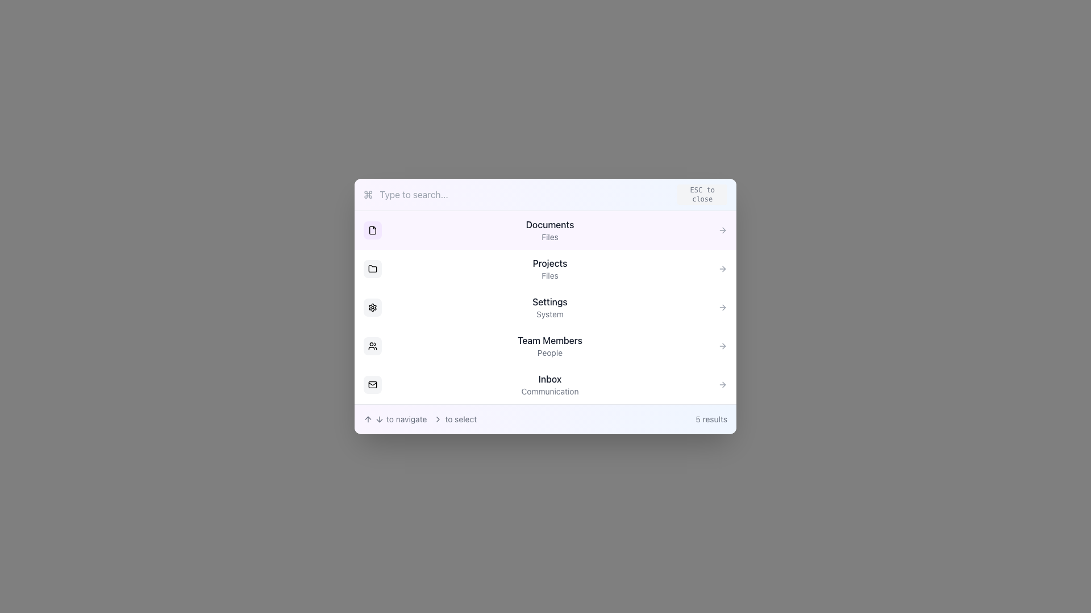 This screenshot has width=1091, height=613. What do you see at coordinates (373, 308) in the screenshot?
I see `the settings icon located between the 'Projects' and 'Team Members' items in the vertical list` at bounding box center [373, 308].